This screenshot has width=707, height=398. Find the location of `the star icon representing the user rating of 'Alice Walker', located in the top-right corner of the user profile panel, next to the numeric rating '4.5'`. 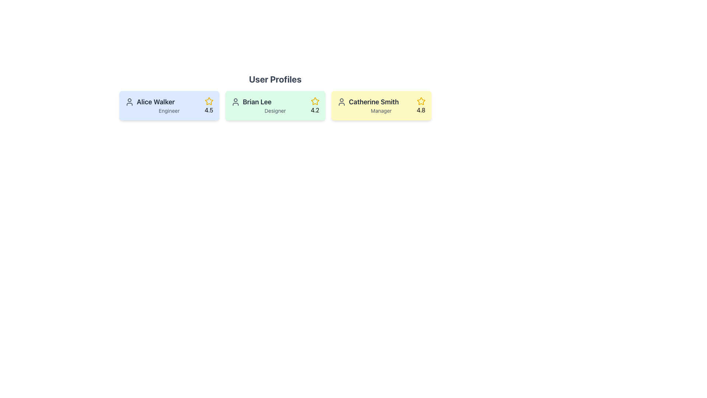

the star icon representing the user rating of 'Alice Walker', located in the top-right corner of the user profile panel, next to the numeric rating '4.5' is located at coordinates (208, 101).